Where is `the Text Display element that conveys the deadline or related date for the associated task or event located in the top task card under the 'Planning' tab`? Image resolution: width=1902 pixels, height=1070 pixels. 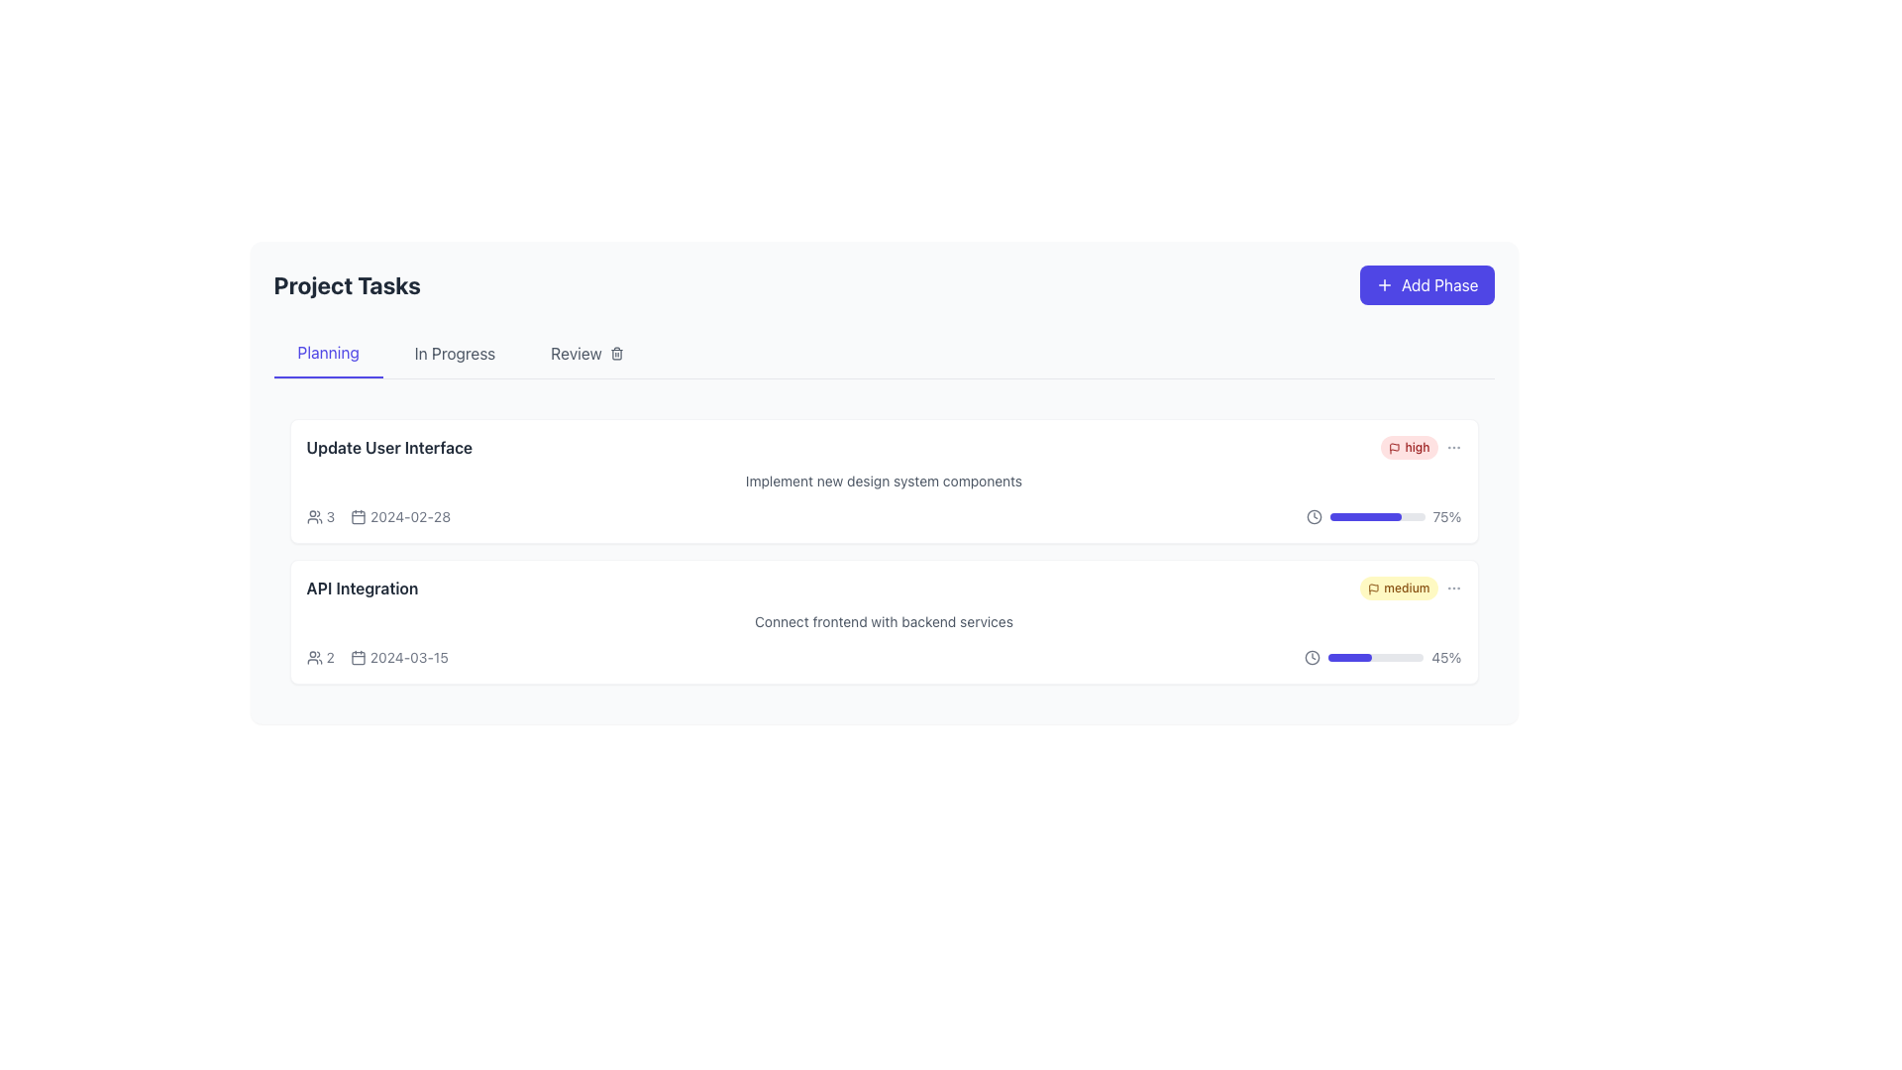
the Text Display element that conveys the deadline or related date for the associated task or event located in the top task card under the 'Planning' tab is located at coordinates (378, 515).